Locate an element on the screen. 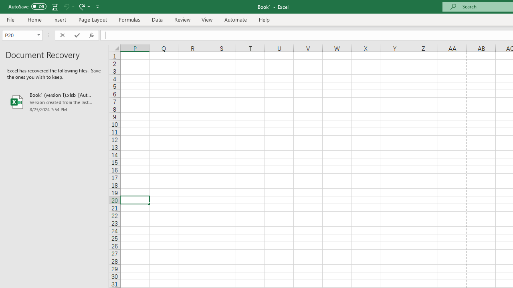 The image size is (513, 288). 'Save' is located at coordinates (54, 6).